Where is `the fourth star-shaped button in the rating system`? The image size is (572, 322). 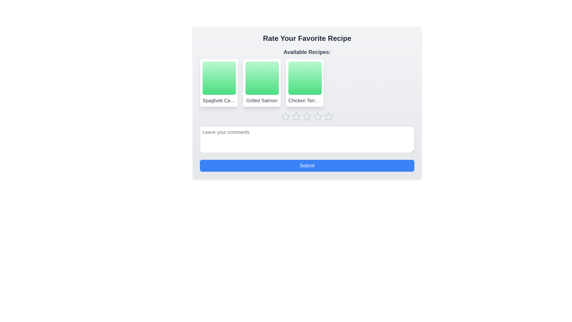
the fourth star-shaped button in the rating system is located at coordinates (317, 116).